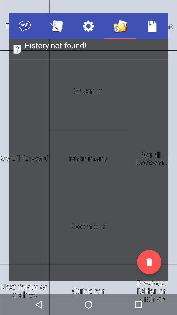  Describe the element at coordinates (149, 262) in the screenshot. I see `delete button` at that location.